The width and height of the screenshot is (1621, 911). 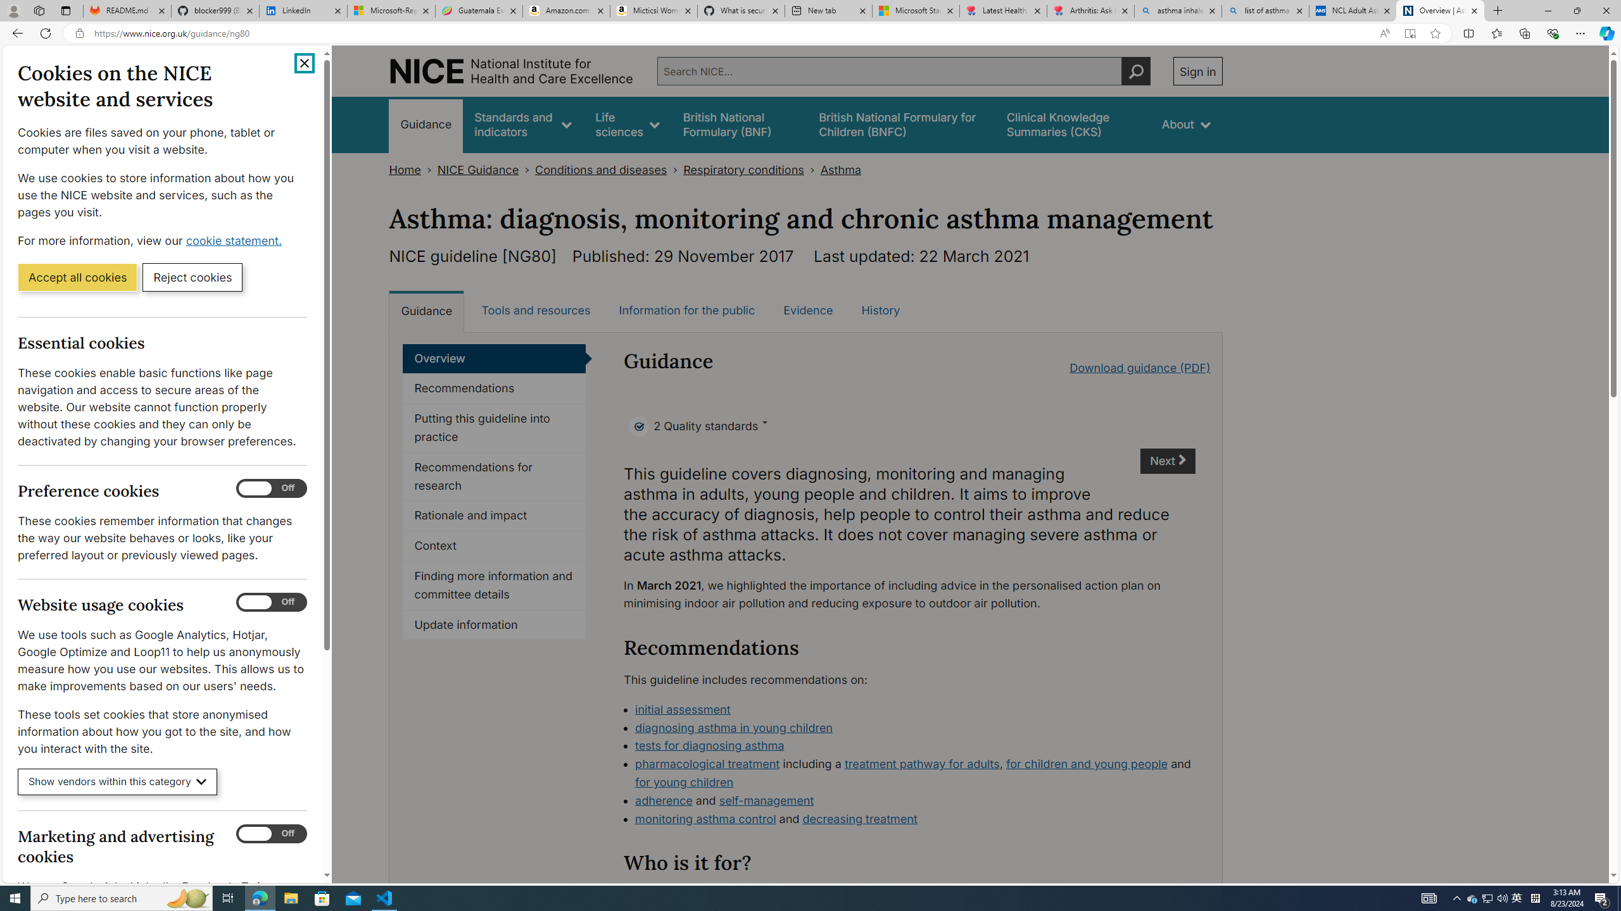 What do you see at coordinates (921, 764) in the screenshot?
I see `'treatment pathway for adults'` at bounding box center [921, 764].